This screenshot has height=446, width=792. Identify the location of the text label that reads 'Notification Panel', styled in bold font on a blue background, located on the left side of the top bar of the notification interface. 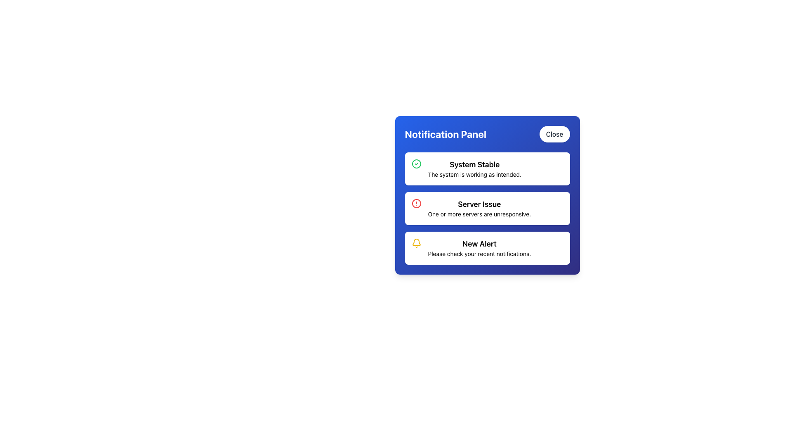
(445, 133).